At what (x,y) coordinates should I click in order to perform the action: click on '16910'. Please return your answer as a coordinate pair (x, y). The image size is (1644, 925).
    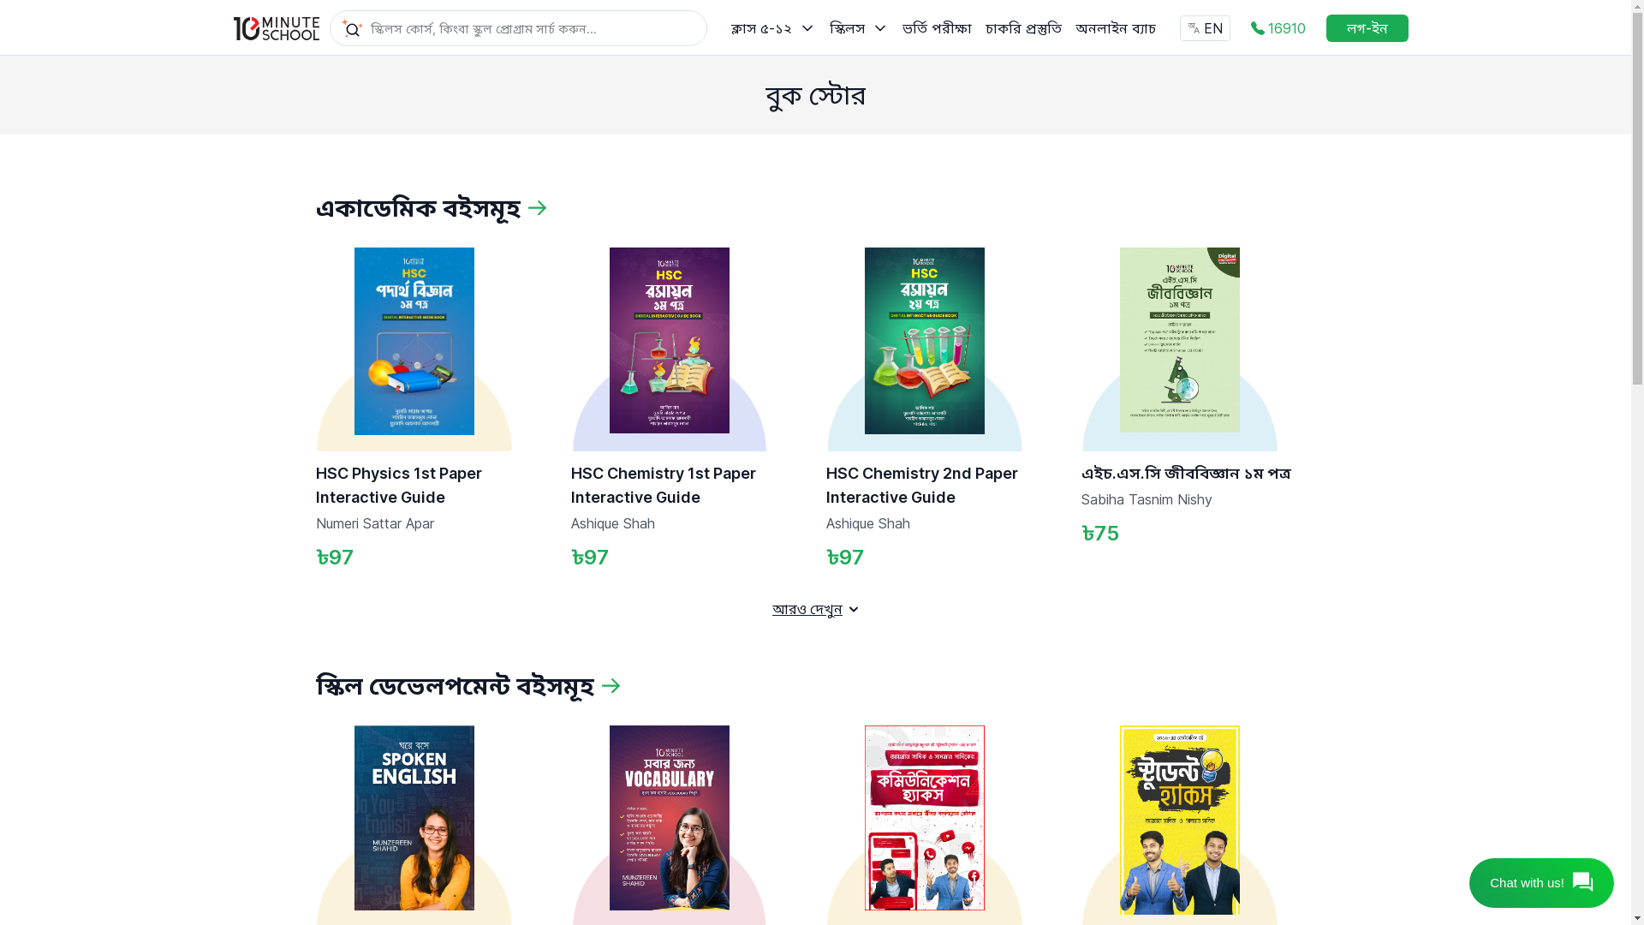
    Looking at the image, I should click on (1278, 28).